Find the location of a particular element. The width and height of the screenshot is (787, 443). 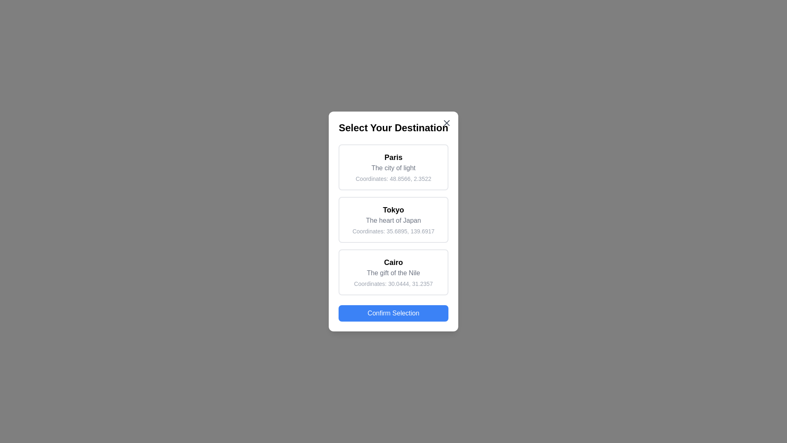

close button in the top-right corner of the dialog is located at coordinates (446, 123).